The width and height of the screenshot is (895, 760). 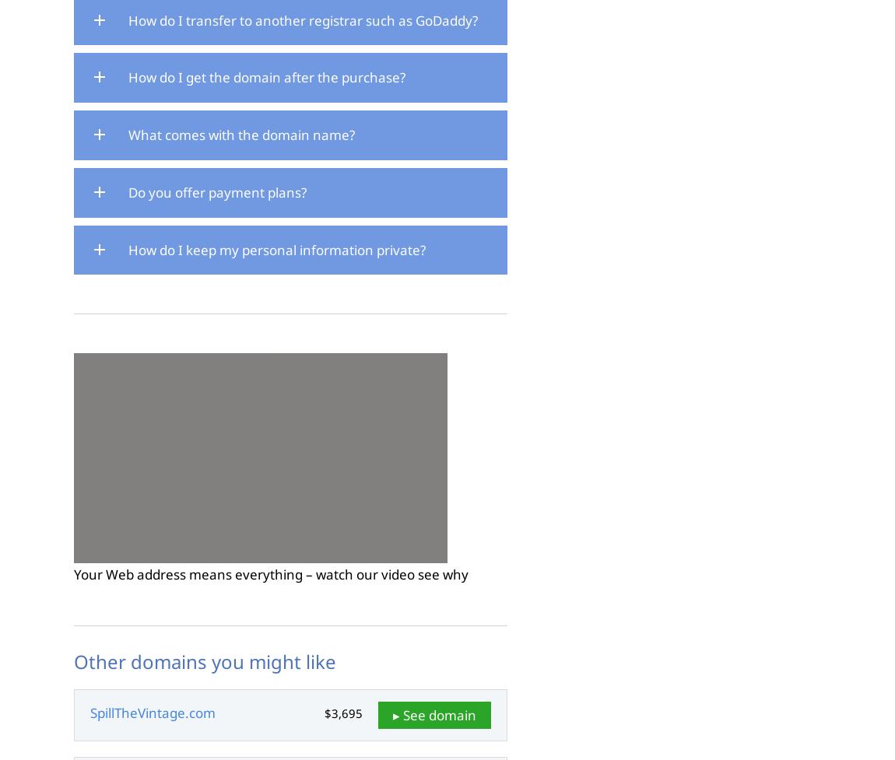 What do you see at coordinates (271, 574) in the screenshot?
I see `'Your Web address means everything – watch our video see why'` at bounding box center [271, 574].